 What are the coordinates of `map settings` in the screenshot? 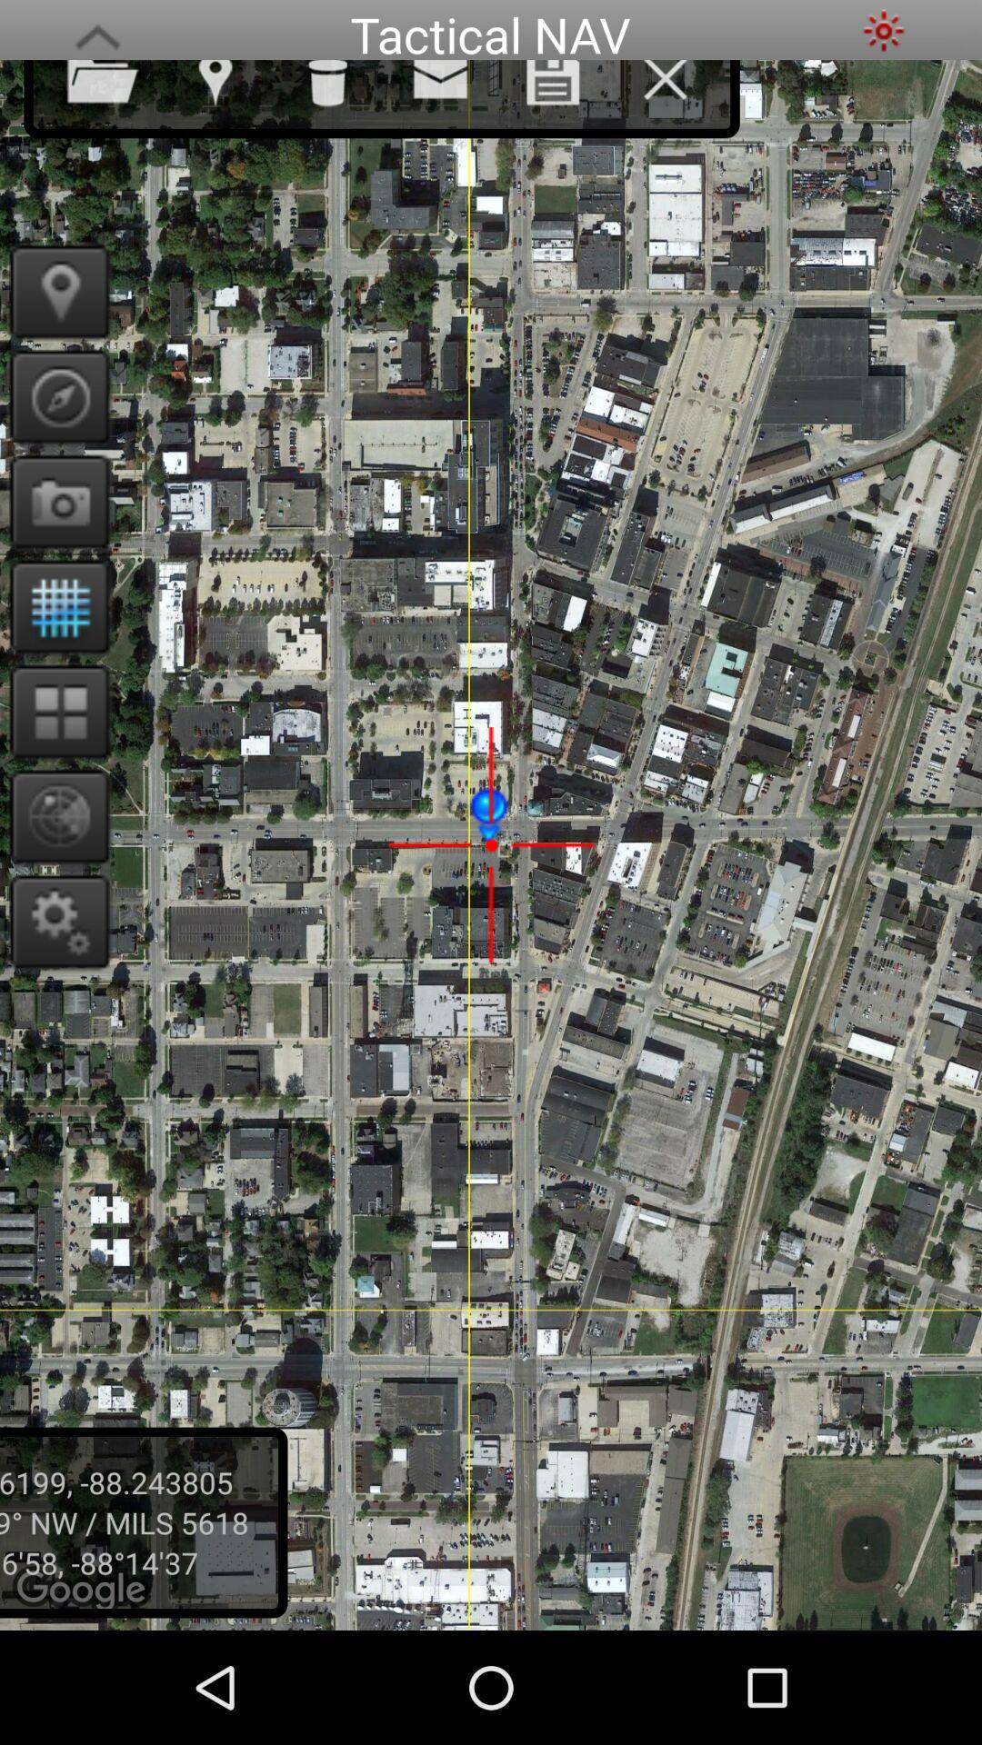 It's located at (53, 921).